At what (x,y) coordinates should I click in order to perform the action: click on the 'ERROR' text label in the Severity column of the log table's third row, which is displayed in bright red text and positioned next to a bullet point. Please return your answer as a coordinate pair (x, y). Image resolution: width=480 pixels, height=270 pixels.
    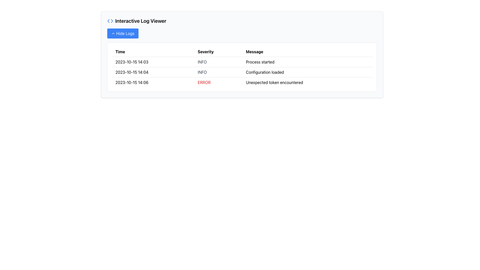
    Looking at the image, I should click on (218, 82).